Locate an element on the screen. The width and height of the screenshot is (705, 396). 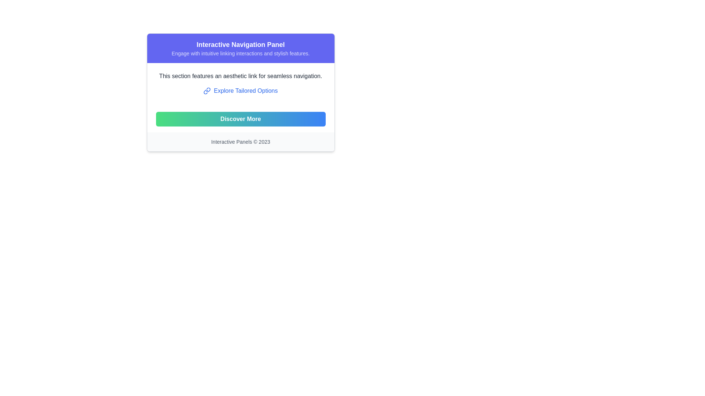
the footer text label that provides copyright or trademark information about 'Interactive Panels' is located at coordinates (241, 142).